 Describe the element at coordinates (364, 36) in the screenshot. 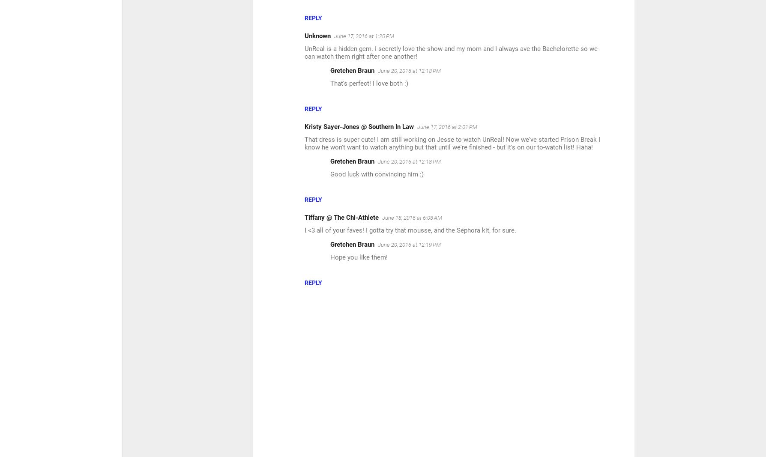

I see `'June 17, 2016 at 1:20 PM'` at that location.